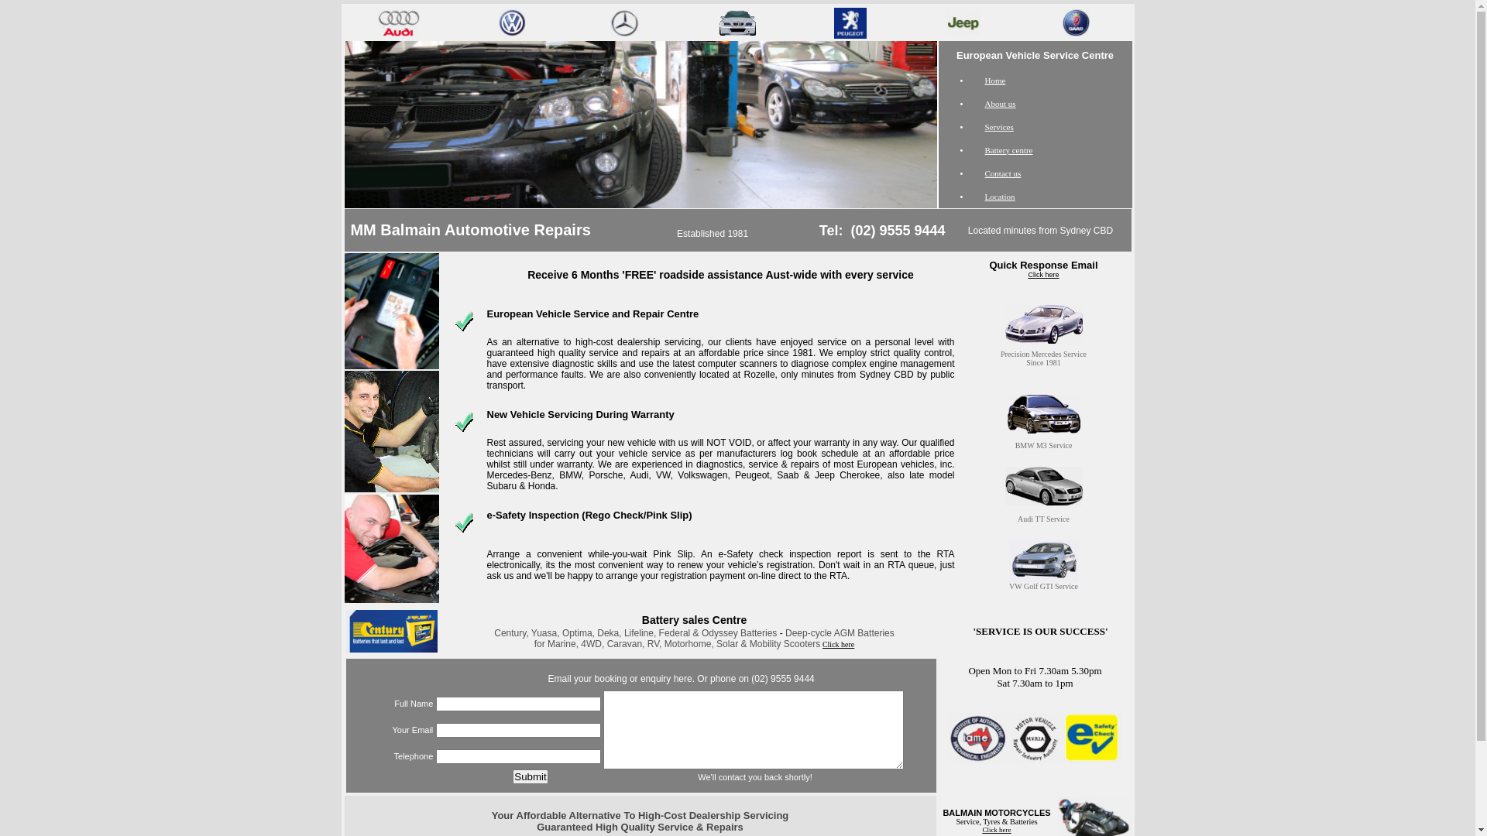 This screenshot has width=1487, height=836. I want to click on 'Email', so click(559, 677).